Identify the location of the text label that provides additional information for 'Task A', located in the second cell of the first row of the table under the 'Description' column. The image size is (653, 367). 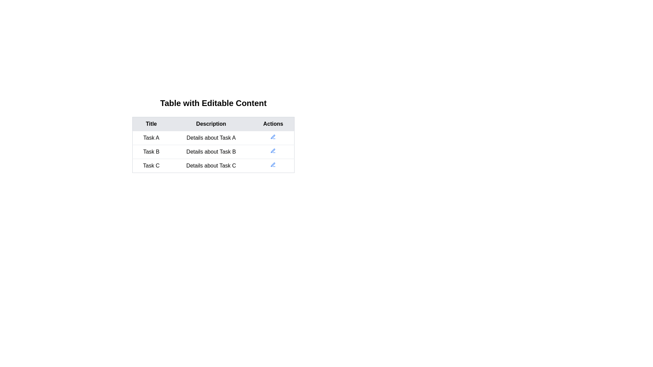
(211, 138).